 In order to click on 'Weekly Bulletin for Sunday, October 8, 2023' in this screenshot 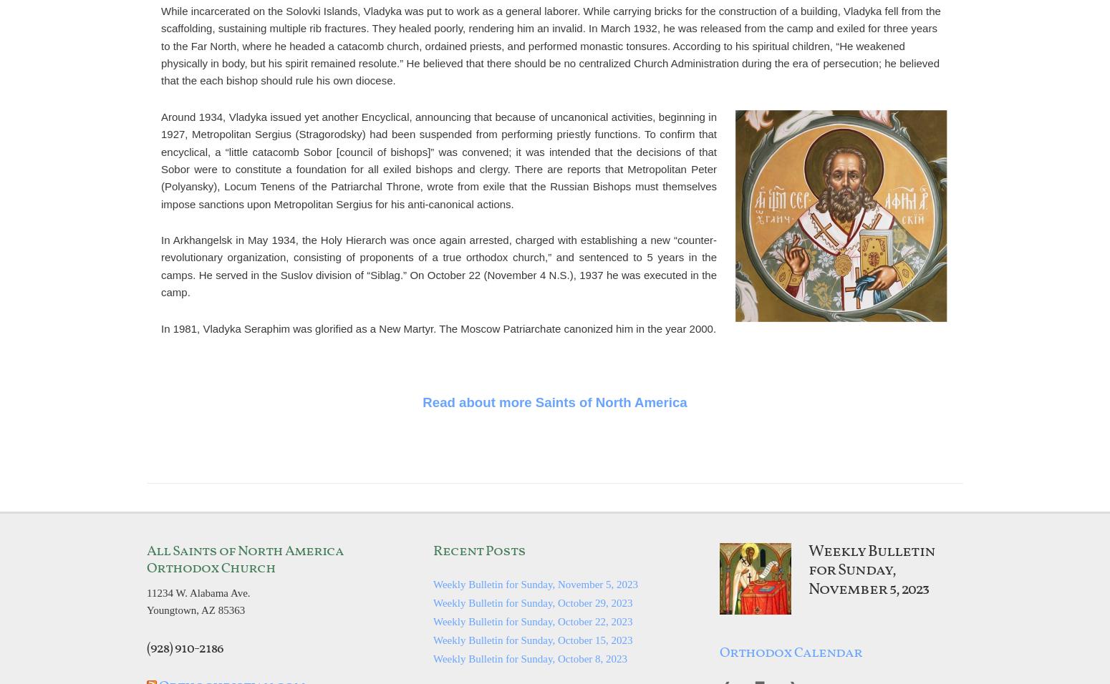, I will do `click(530, 658)`.